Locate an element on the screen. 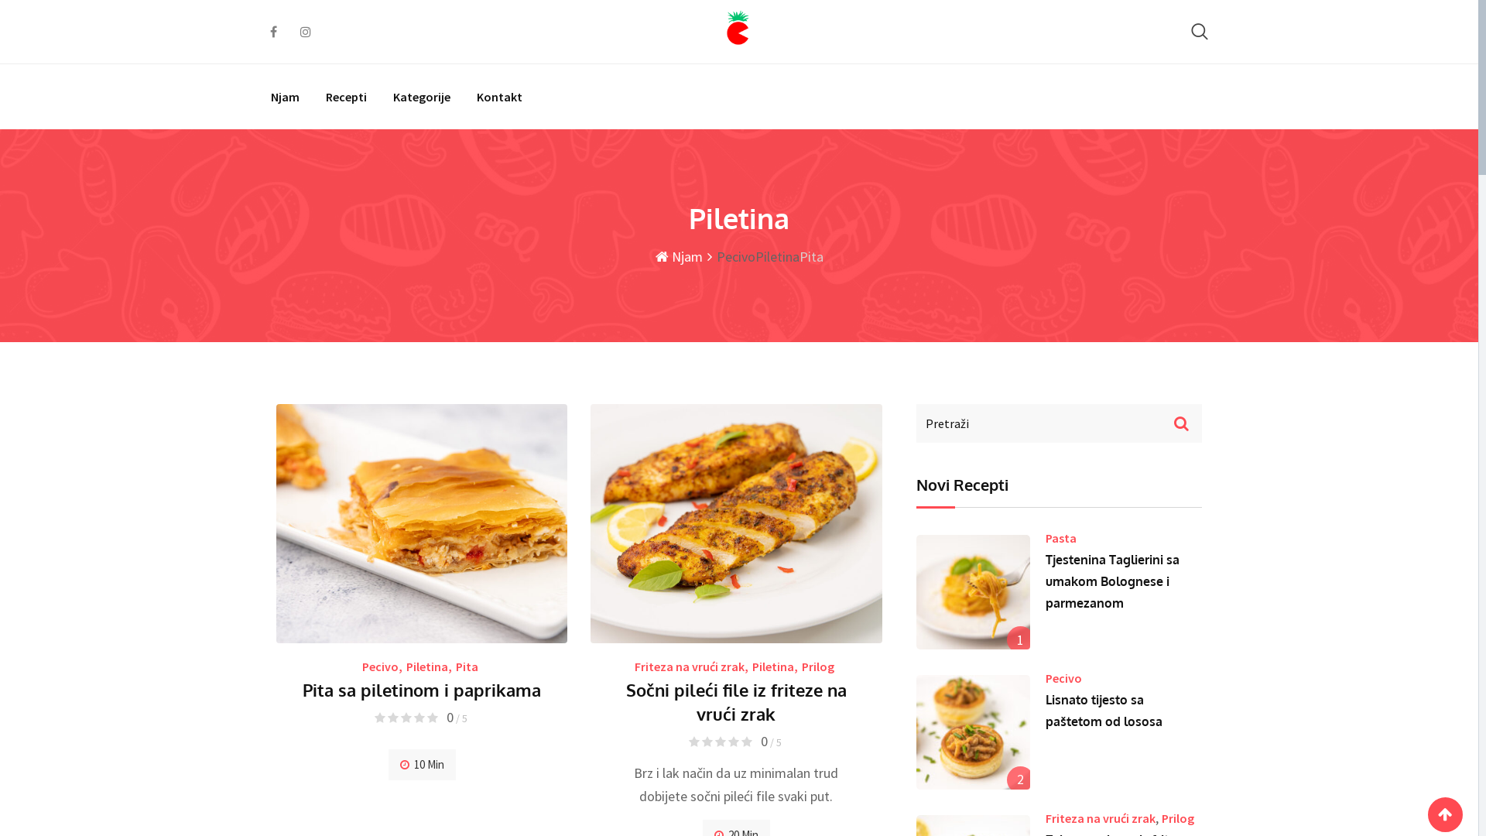 The width and height of the screenshot is (1486, 836). 'Pita sa piletinom i paprikama' is located at coordinates (422, 689).